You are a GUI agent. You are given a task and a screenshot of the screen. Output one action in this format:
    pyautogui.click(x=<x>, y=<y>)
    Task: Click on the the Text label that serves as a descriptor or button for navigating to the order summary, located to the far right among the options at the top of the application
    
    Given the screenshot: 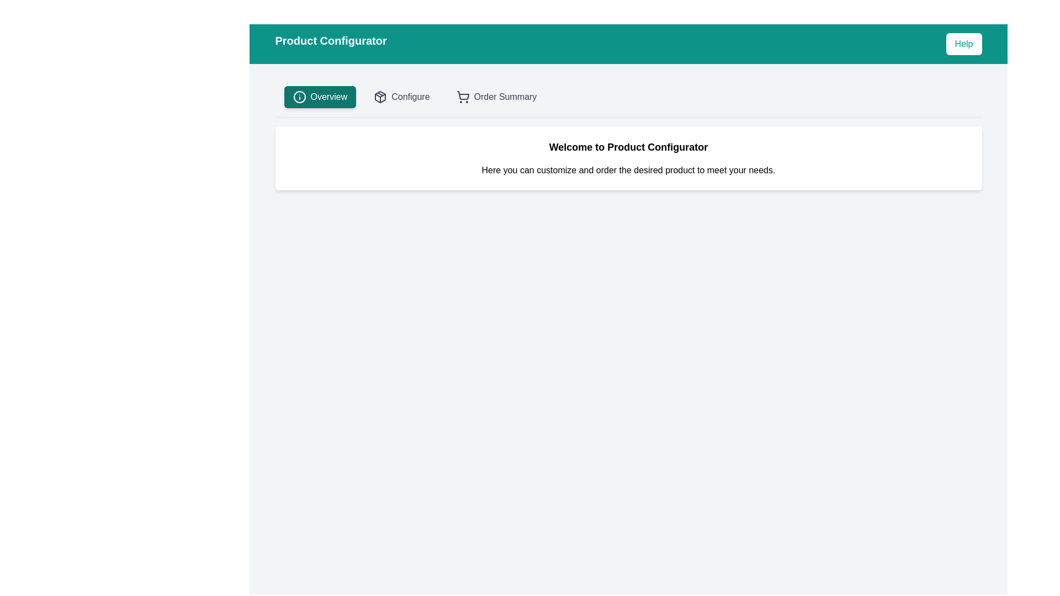 What is the action you would take?
    pyautogui.click(x=505, y=97)
    